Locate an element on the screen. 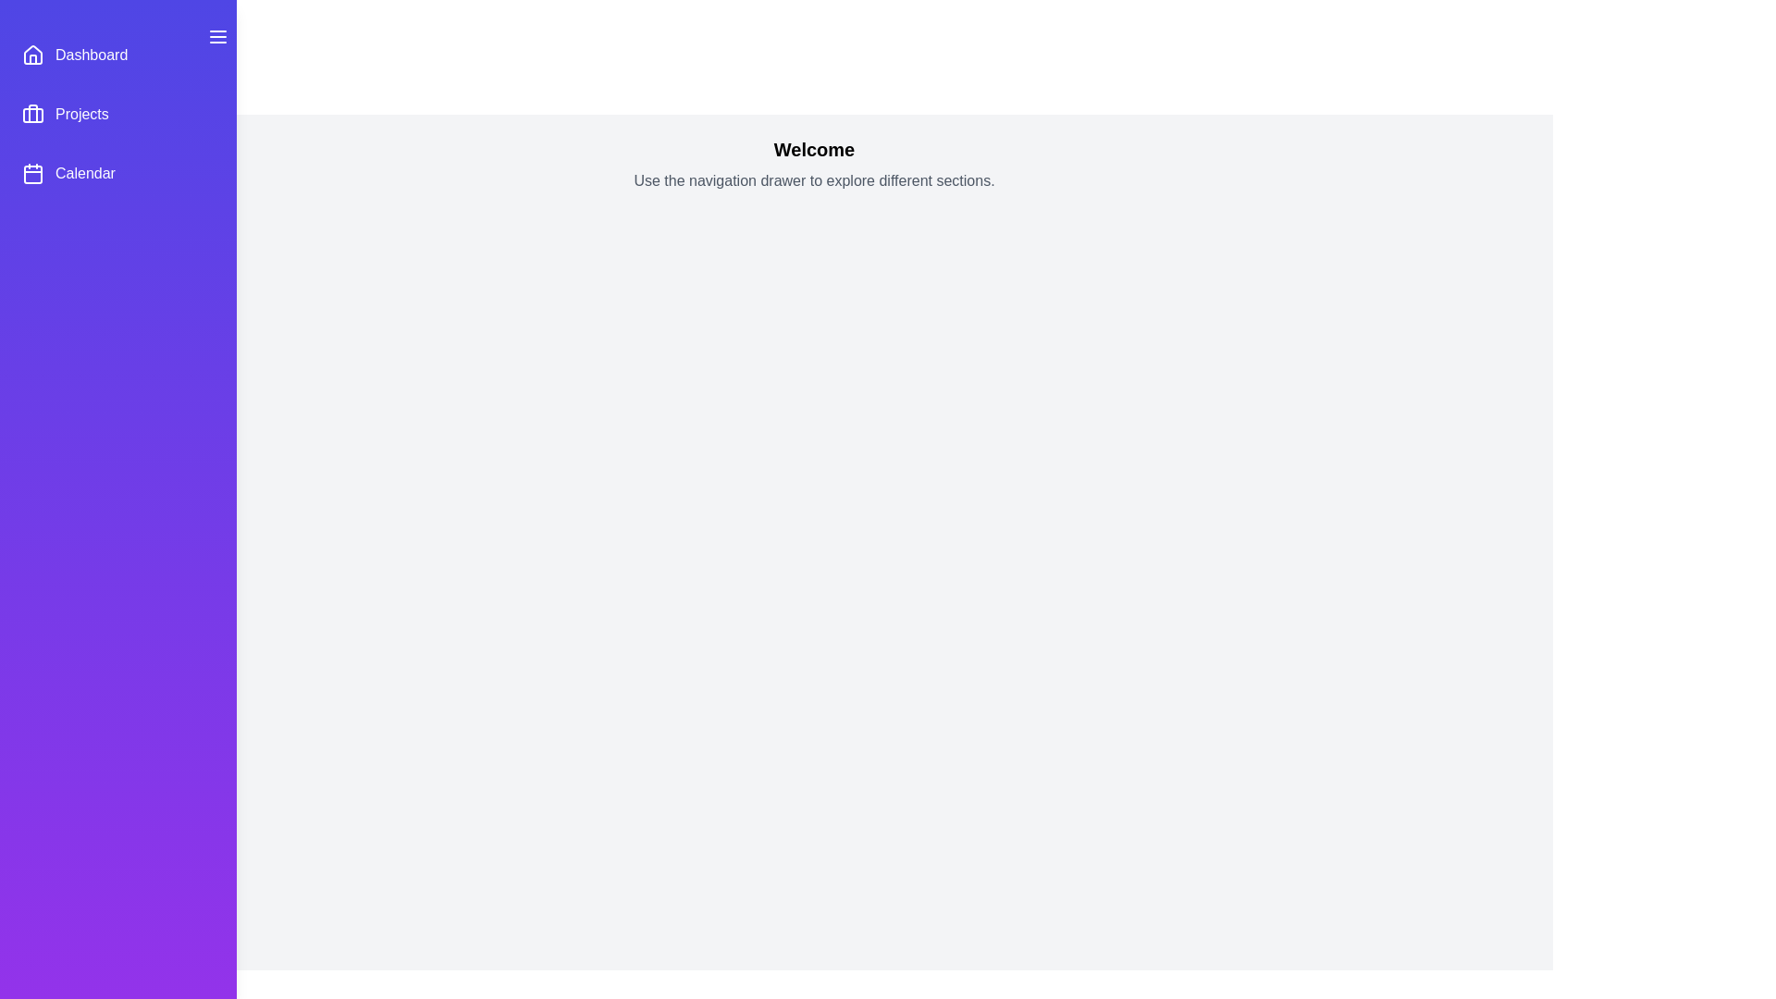  the menu item Dashboard in the drawer is located at coordinates (117, 55).